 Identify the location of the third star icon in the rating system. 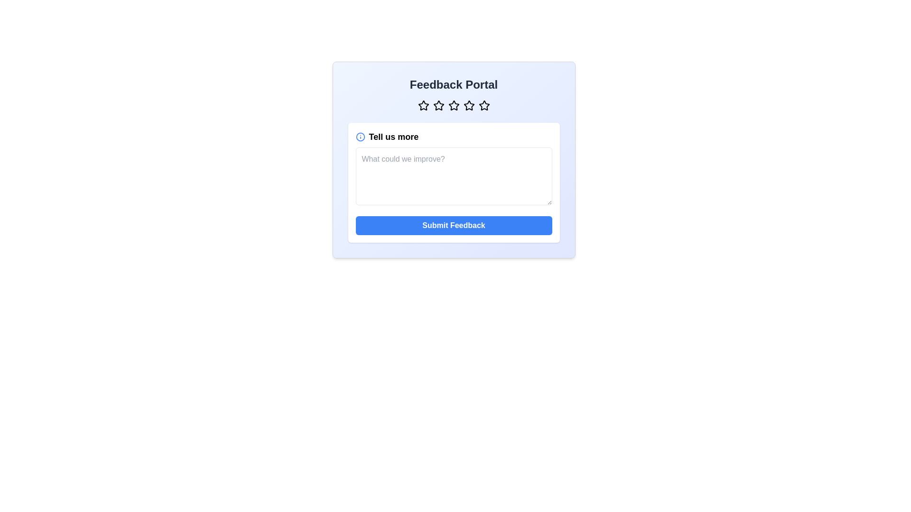
(453, 106).